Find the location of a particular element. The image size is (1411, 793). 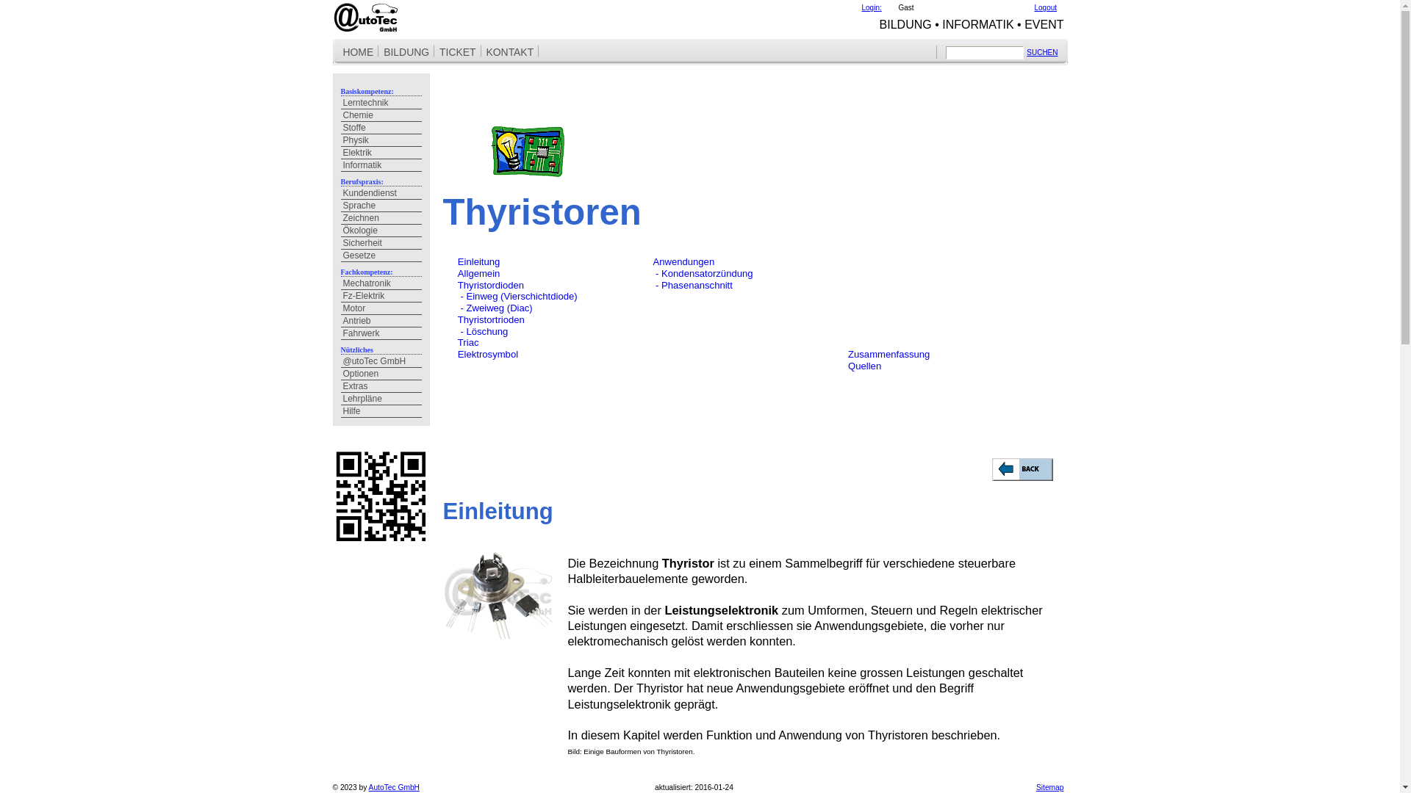

' - Einweg (Vierschichtdiode)' is located at coordinates (517, 296).